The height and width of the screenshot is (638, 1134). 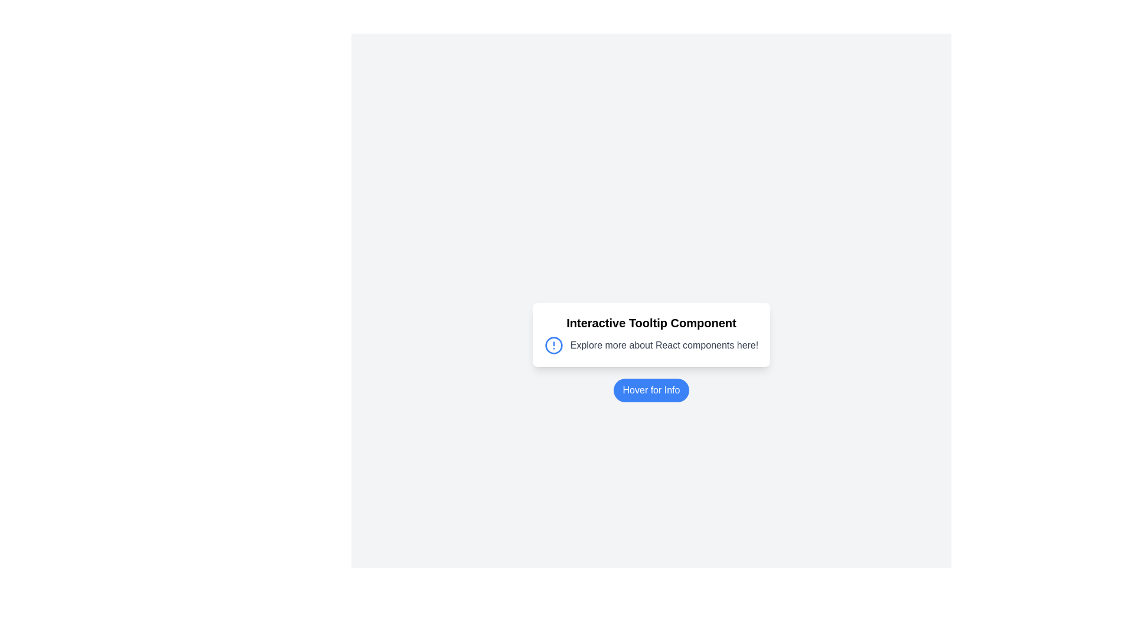 I want to click on the informational tooltip message displayed below the text 'Explore more about React components here!' in the tooltip group context, so click(x=674, y=368).